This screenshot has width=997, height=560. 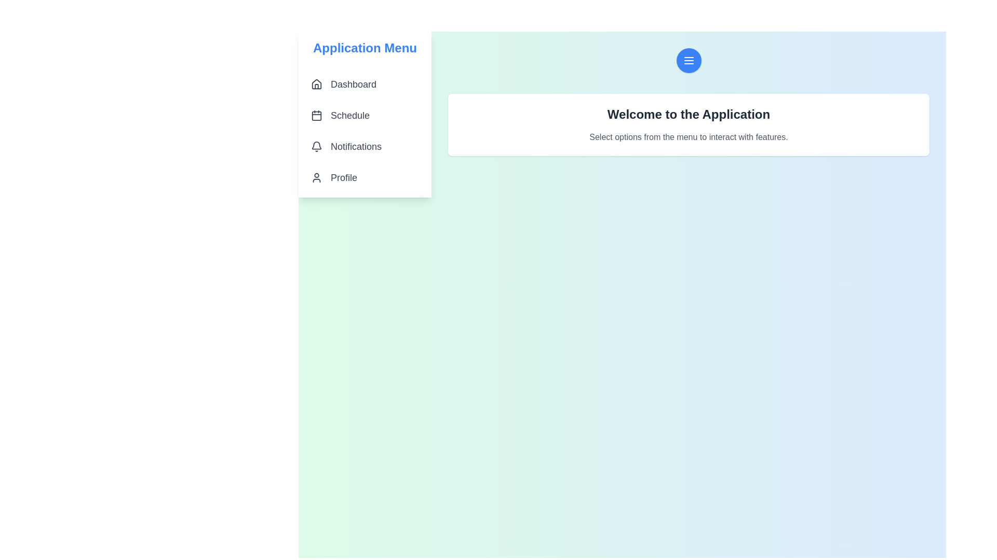 I want to click on the 'Notifications' menu item to navigate to the 'Notifications' section, so click(x=365, y=146).